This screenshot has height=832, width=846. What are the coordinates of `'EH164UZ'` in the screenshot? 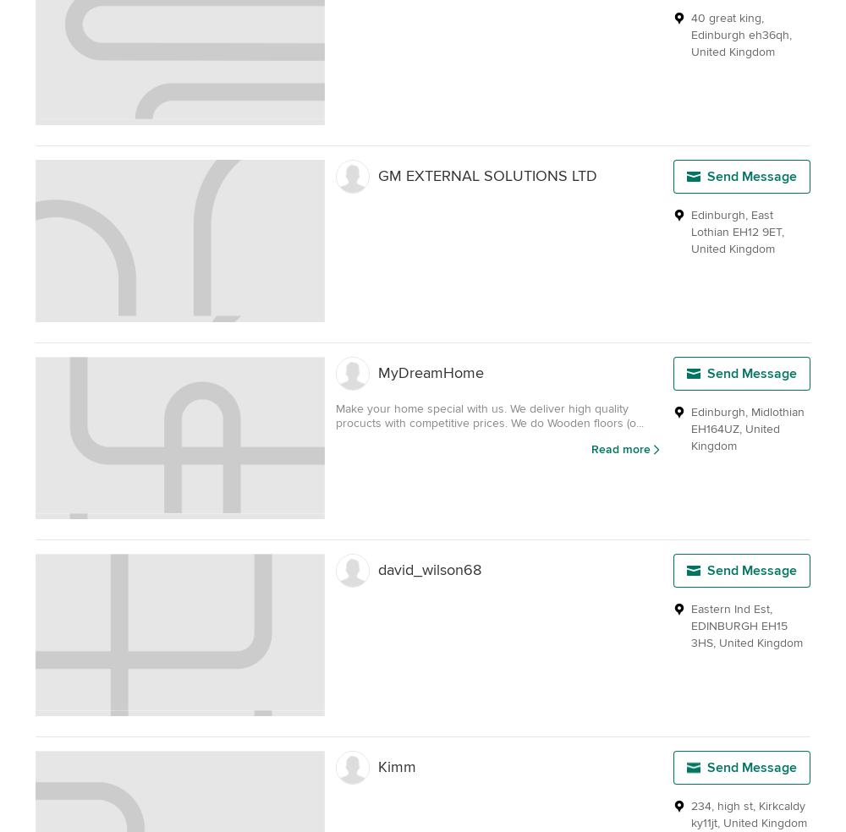 It's located at (690, 428).